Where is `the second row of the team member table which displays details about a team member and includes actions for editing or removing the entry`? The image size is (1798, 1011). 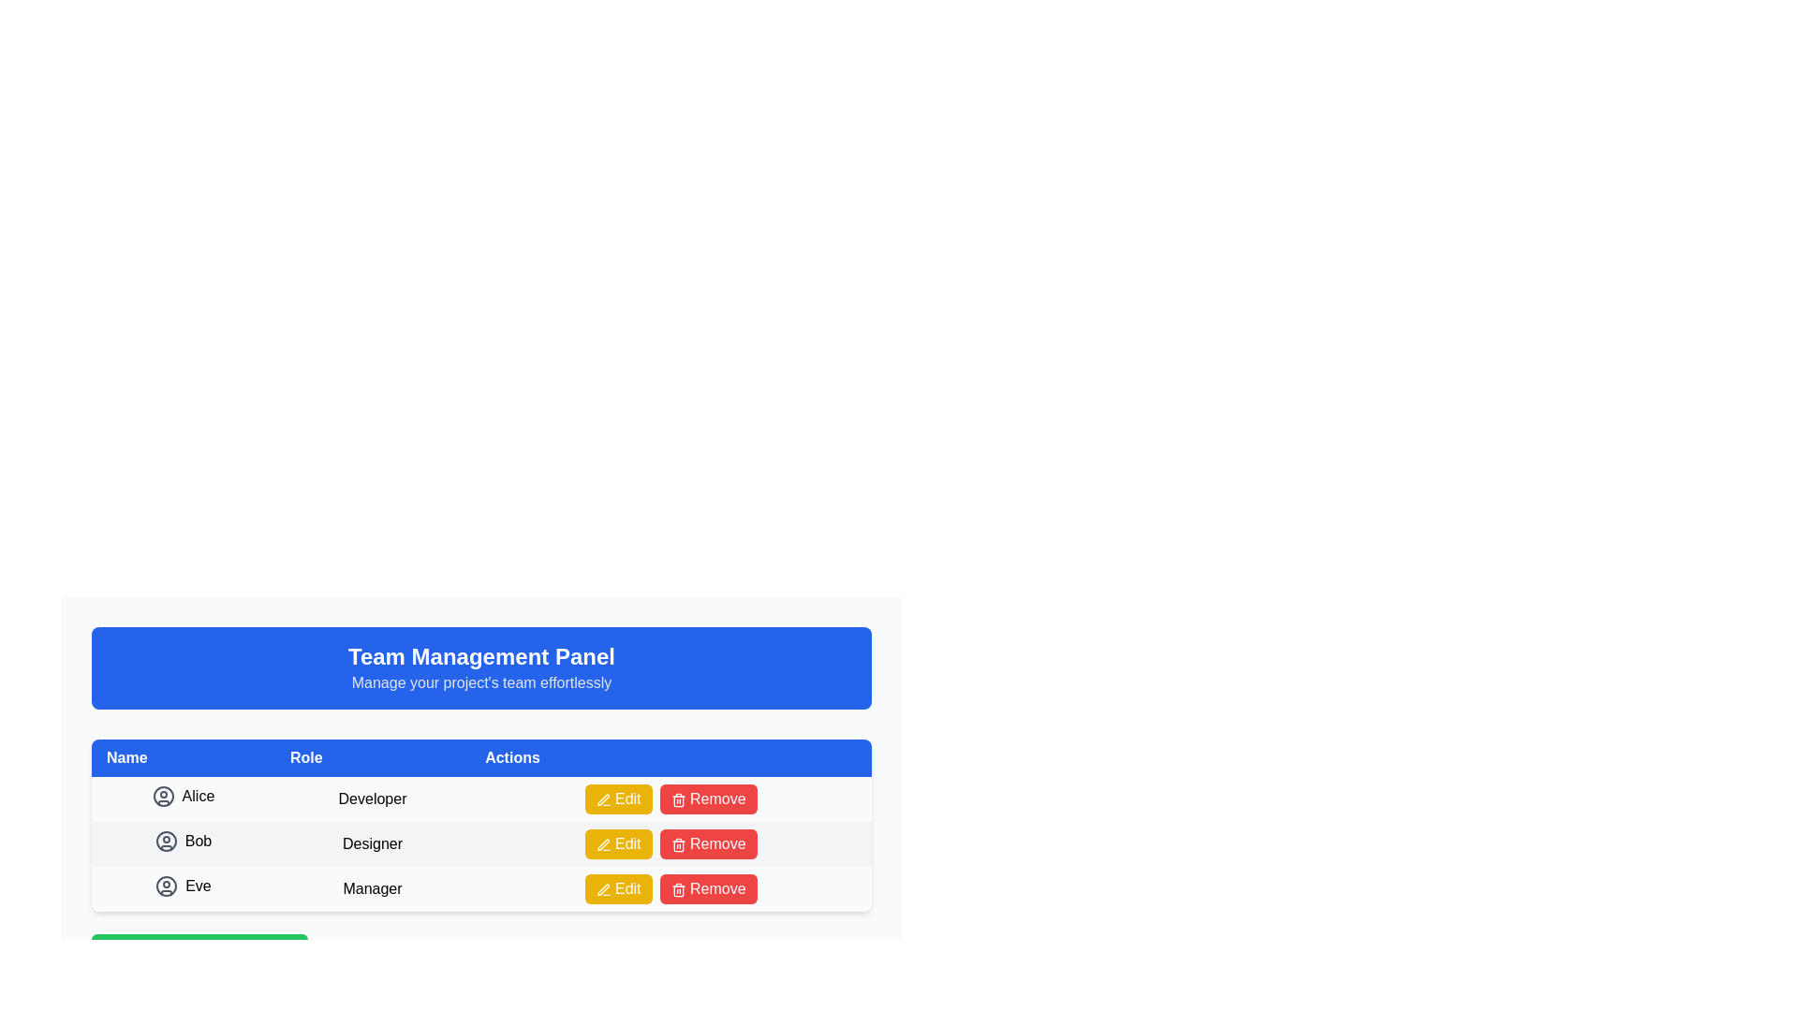 the second row of the team member table which displays details about a team member and includes actions for editing or removing the entry is located at coordinates (481, 825).